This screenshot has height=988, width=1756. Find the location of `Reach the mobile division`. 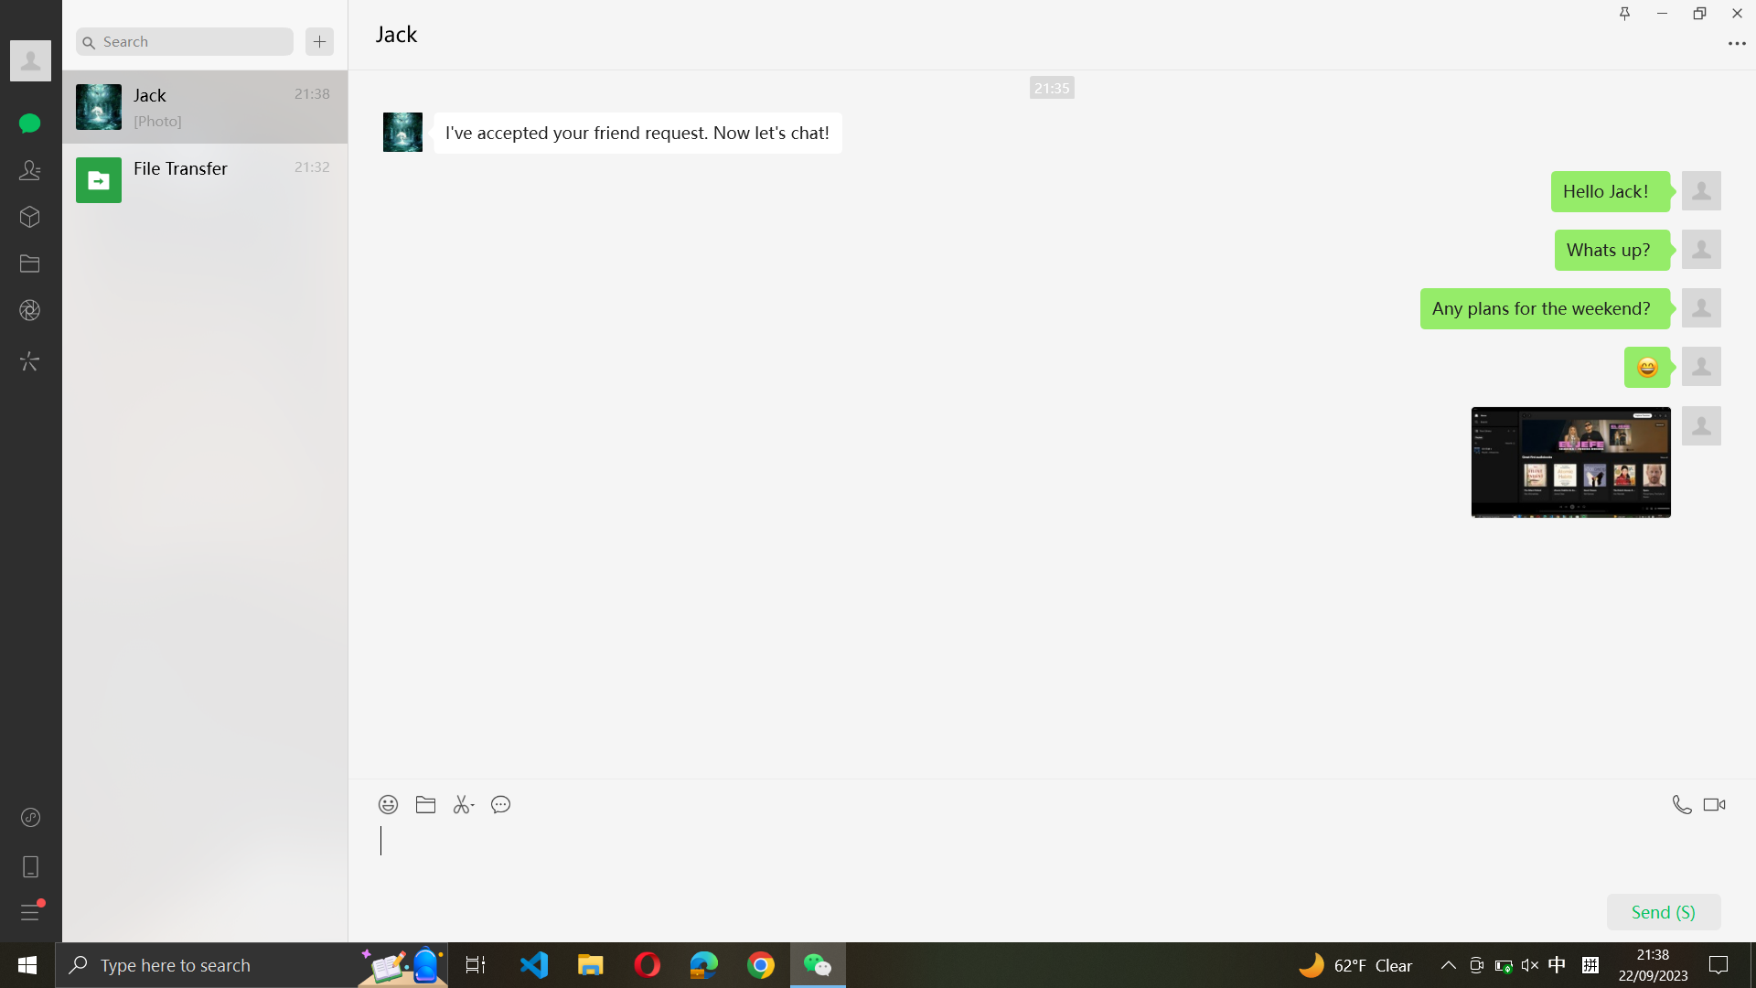

Reach the mobile division is located at coordinates (30, 864).